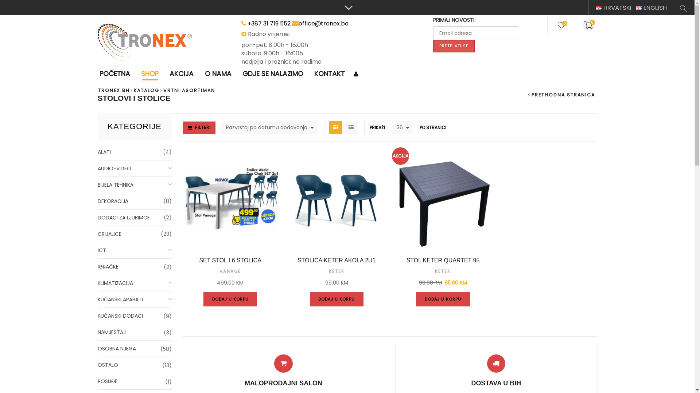 The width and height of the screenshot is (700, 393). Describe the element at coordinates (230, 271) in the screenshot. I see `'VANAGE'` at that location.